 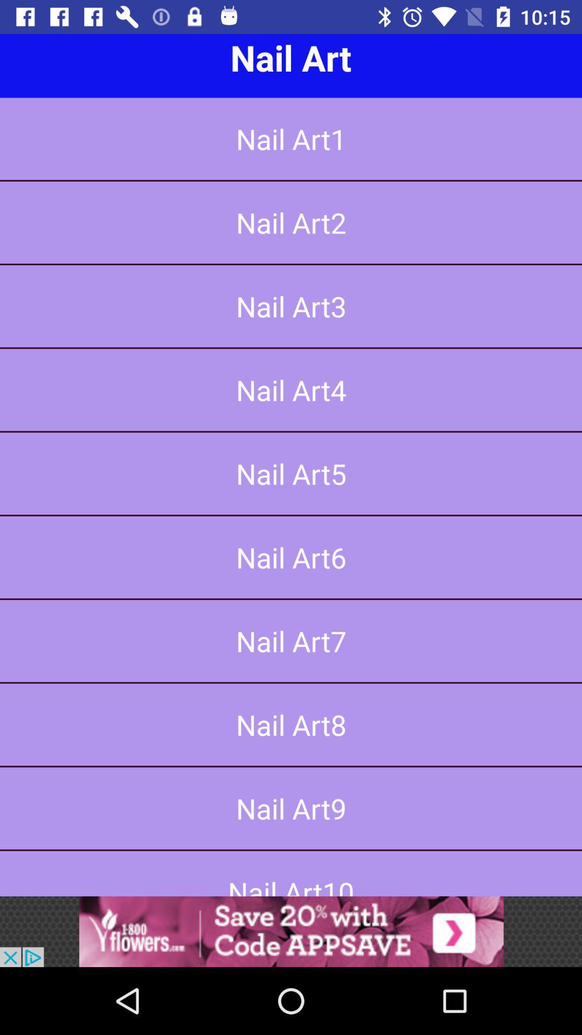 What do you see at coordinates (291, 931) in the screenshot?
I see `advertisement` at bounding box center [291, 931].